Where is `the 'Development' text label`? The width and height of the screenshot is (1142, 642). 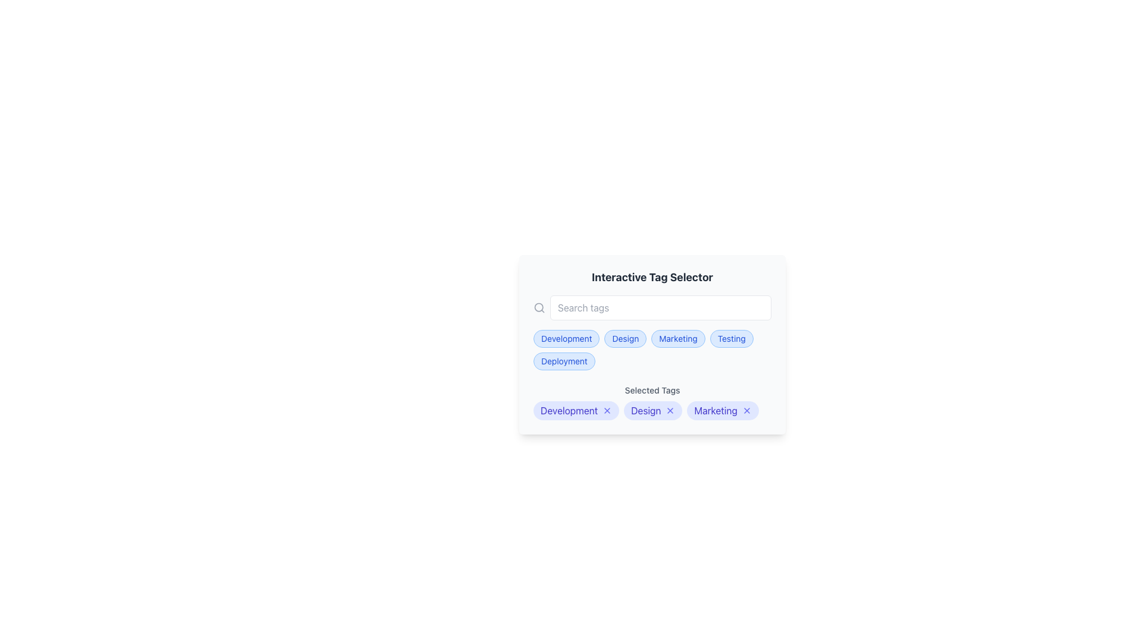 the 'Development' text label is located at coordinates (569, 410).